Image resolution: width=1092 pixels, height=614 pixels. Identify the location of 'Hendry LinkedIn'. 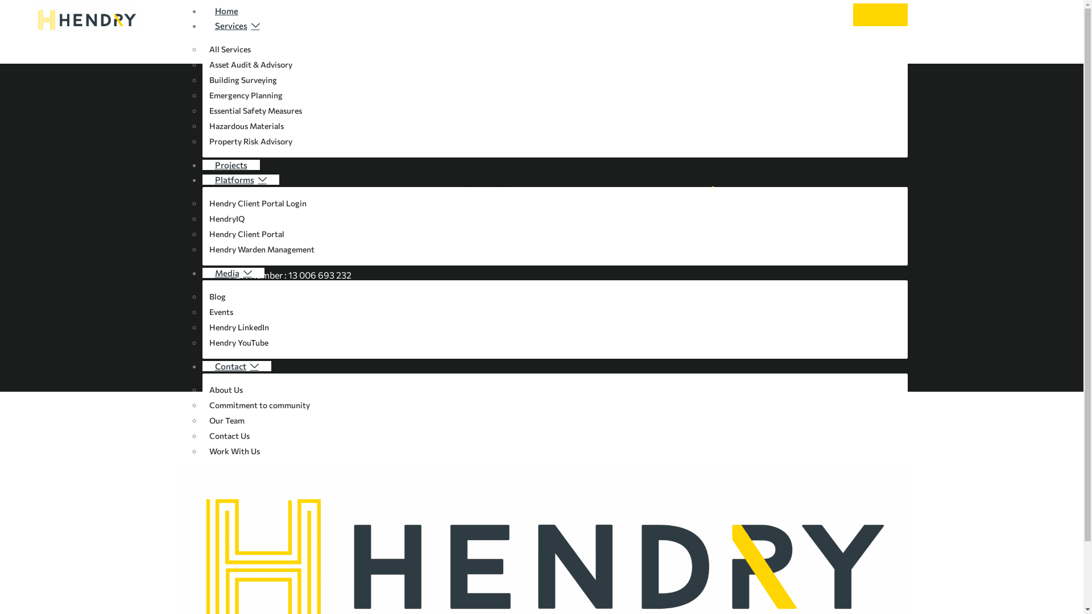
(238, 327).